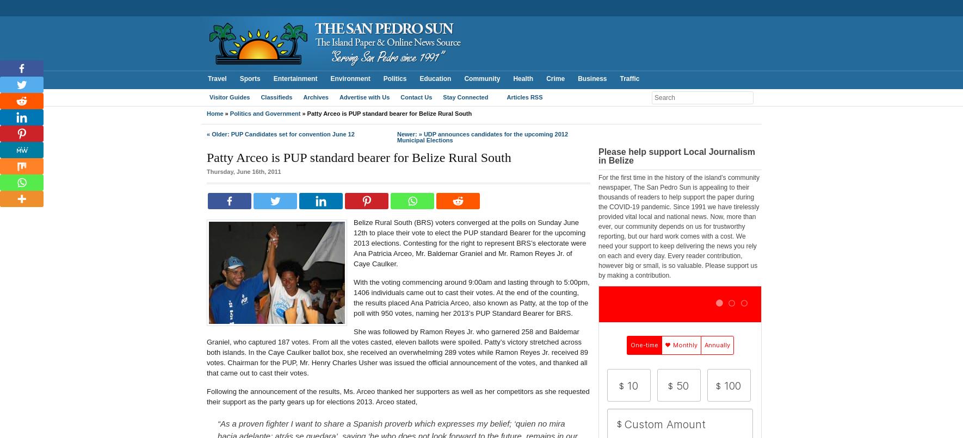 Image resolution: width=963 pixels, height=438 pixels. Describe the element at coordinates (678, 227) in the screenshot. I see `'For the first time in the history of the island’s community newspaper, The San Pedro Sun is appealing to their thousands of readers to help support the paper during the COVID-19 pandemic. Since 1991 we have tirelessly provided vital local and national news. Now, more than ever, our community depends on us for trustworthy reporting, but our hard work comes with a cost. We need your support to keep delivering the news you rely on each and every day. Every reader contribution, however big or small, is so valuable. Please support us by making a contribution.'` at that location.